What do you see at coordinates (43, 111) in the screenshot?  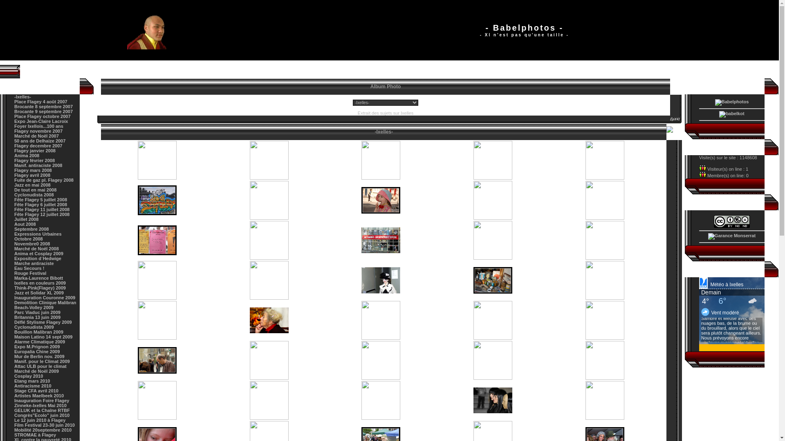 I see `'Brocante 9 septembre 2007'` at bounding box center [43, 111].